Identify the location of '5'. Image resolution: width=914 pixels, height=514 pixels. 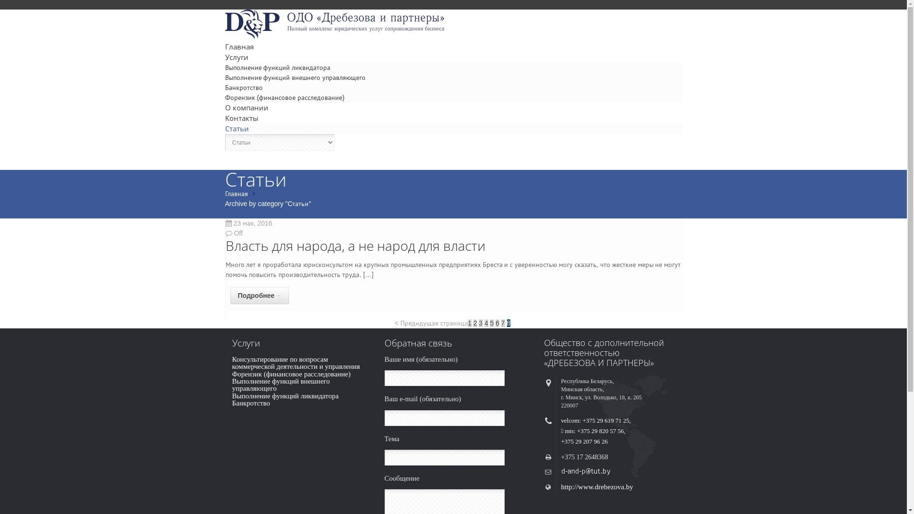
(491, 322).